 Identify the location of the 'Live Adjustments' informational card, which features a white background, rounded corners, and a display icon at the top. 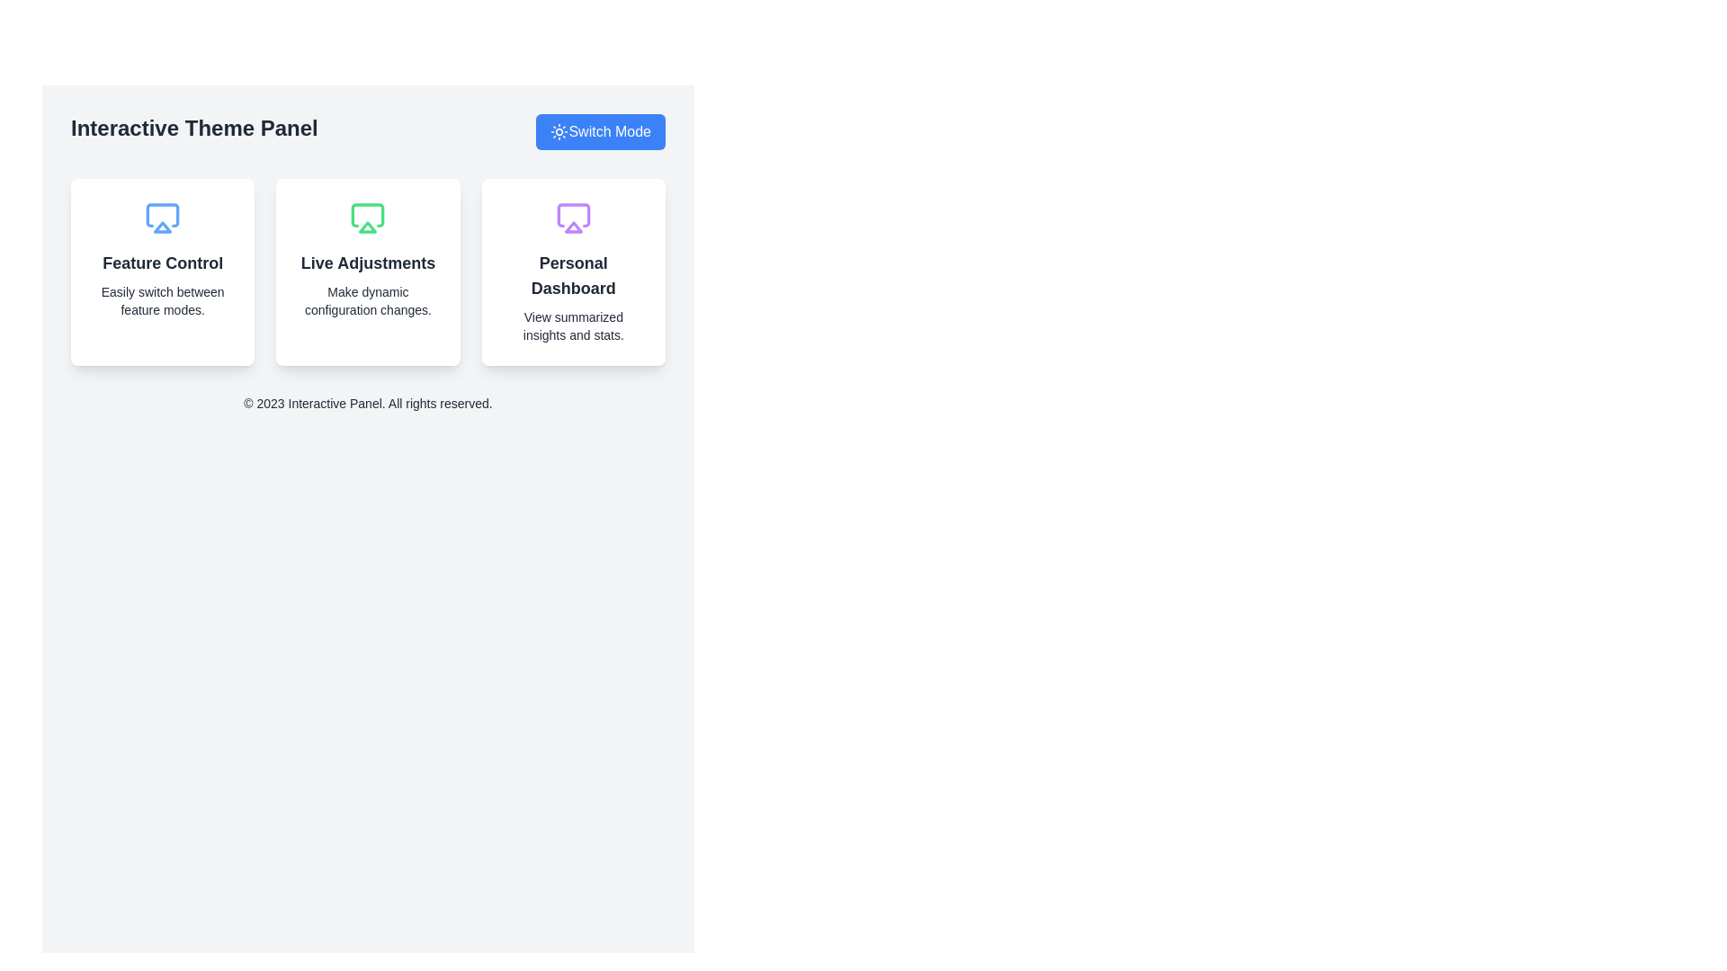
(367, 272).